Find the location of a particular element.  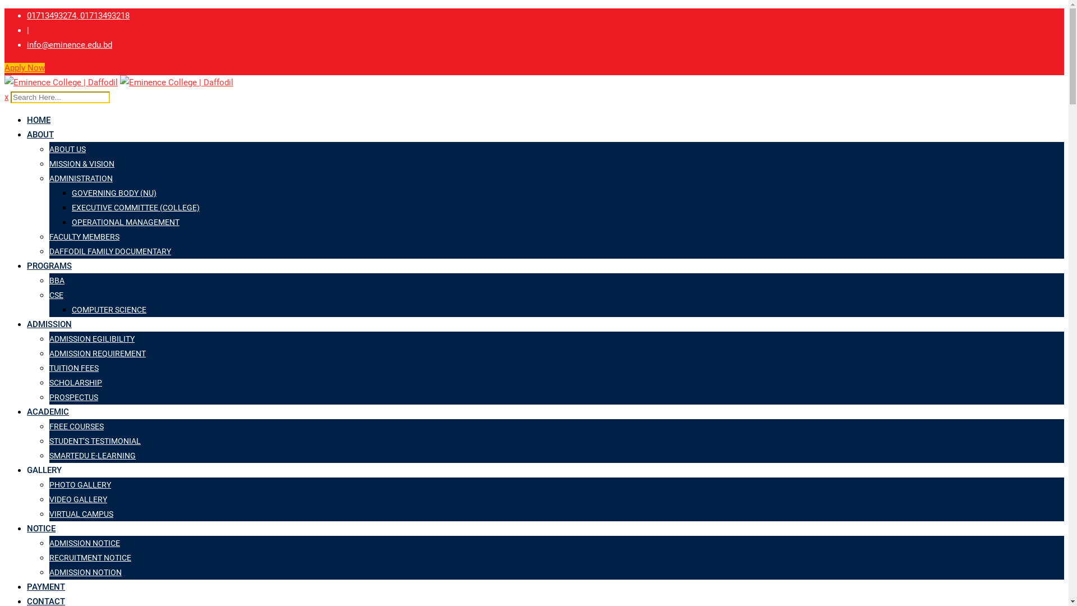

'FREE COURSES' is located at coordinates (76, 426).